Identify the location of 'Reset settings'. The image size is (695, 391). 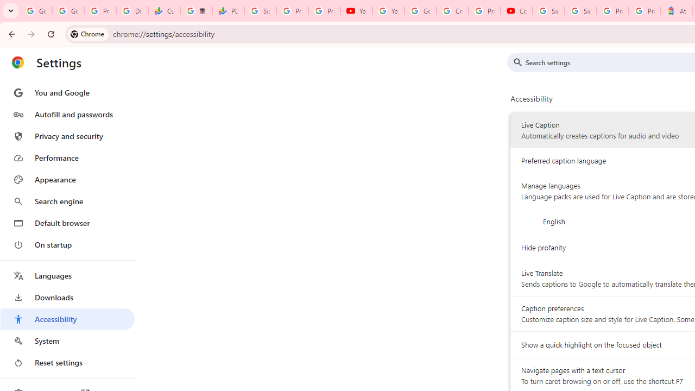
(67, 363).